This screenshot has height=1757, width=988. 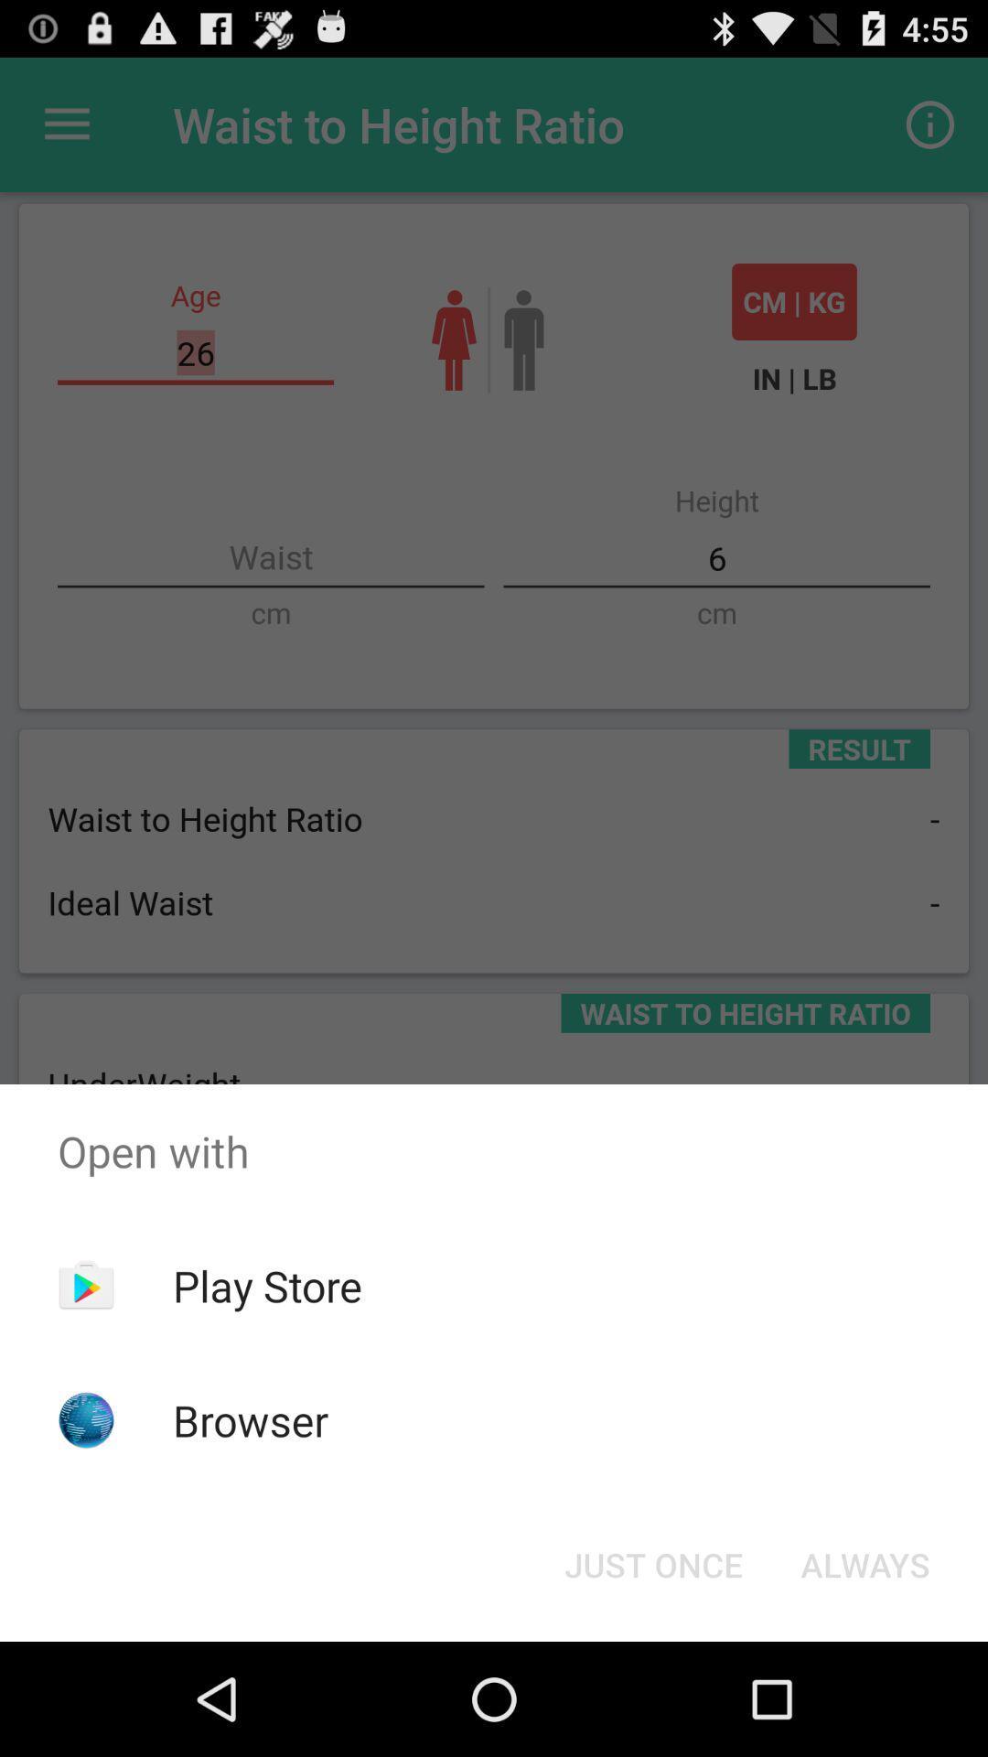 I want to click on the just once button, so click(x=652, y=1563).